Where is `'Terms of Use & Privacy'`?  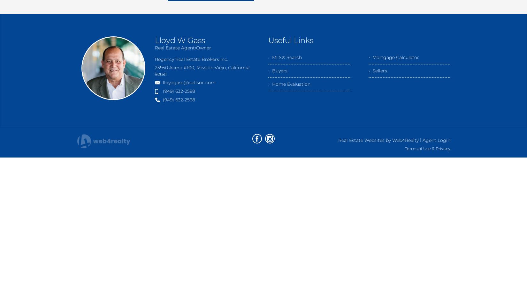 'Terms of Use & Privacy' is located at coordinates (427, 148).